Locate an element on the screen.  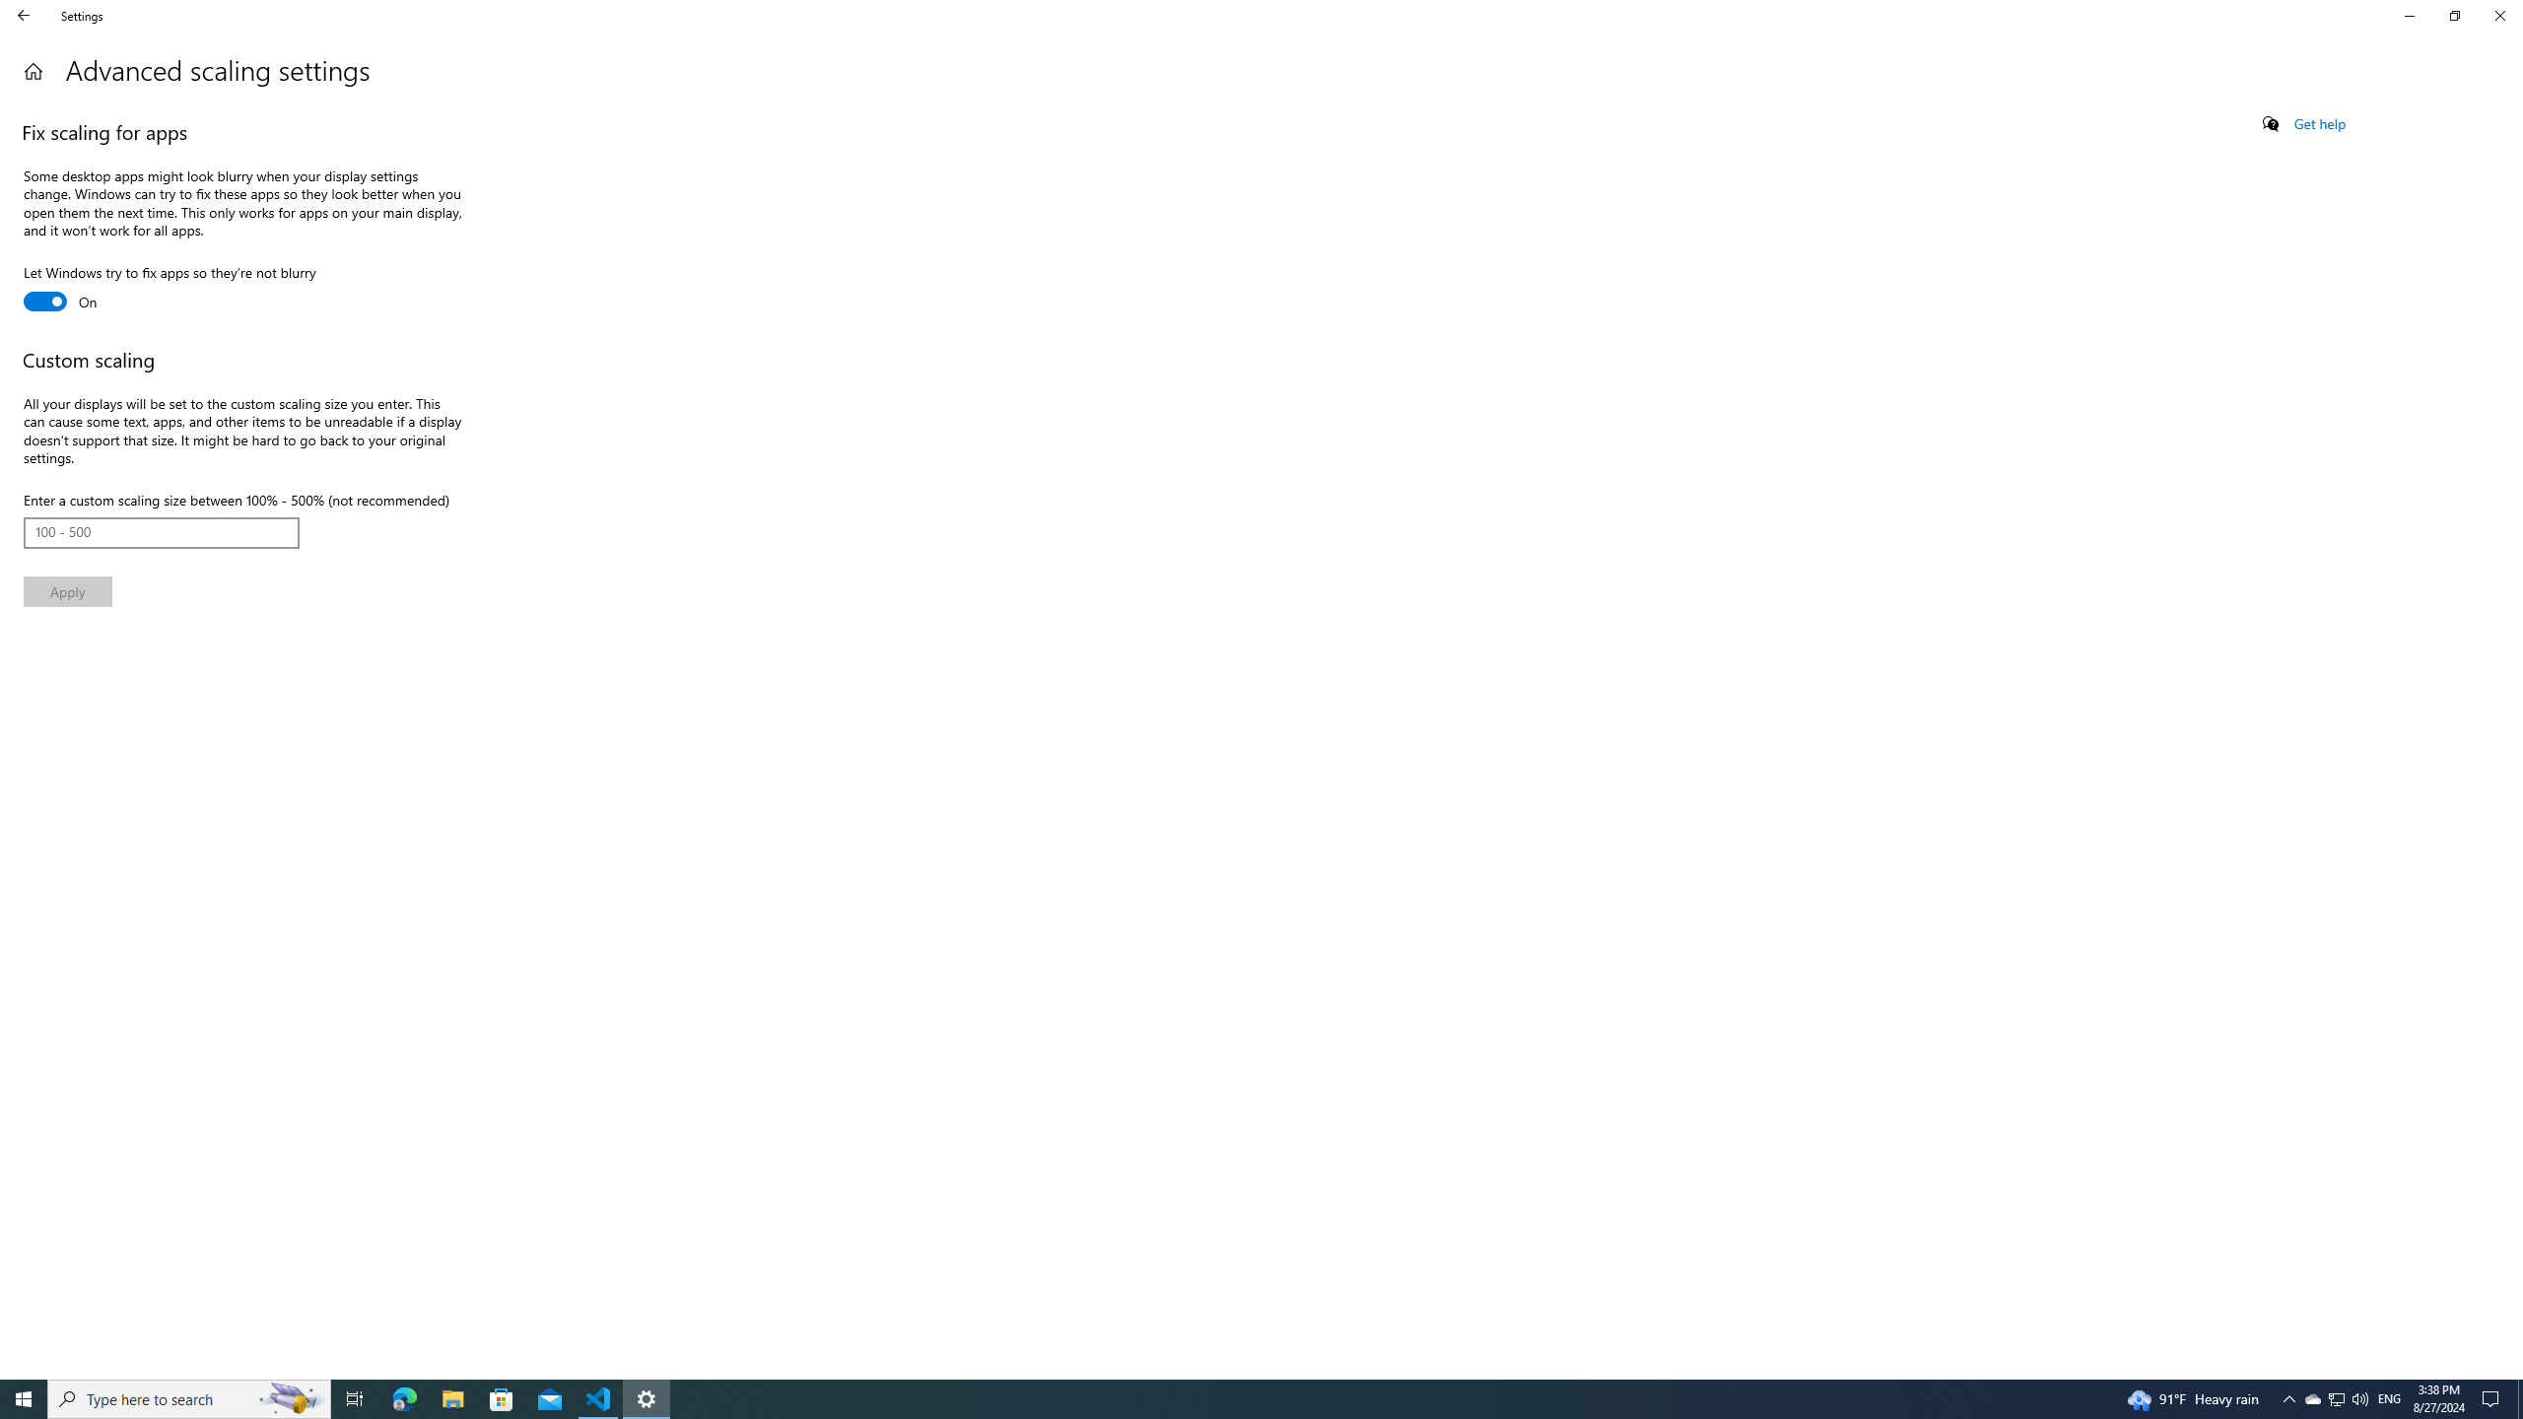
'Home' is located at coordinates (33, 71).